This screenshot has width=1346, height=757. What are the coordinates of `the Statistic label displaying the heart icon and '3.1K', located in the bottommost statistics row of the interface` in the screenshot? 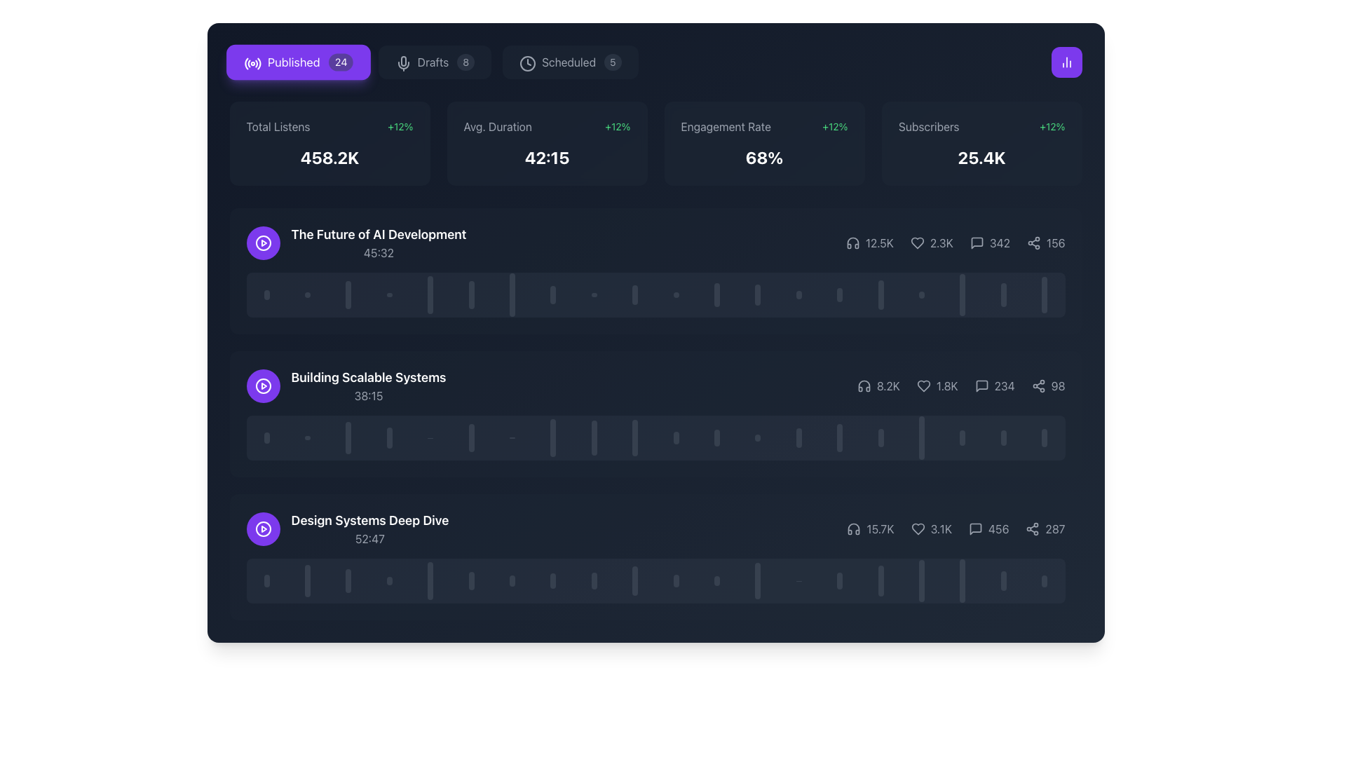 It's located at (931, 529).